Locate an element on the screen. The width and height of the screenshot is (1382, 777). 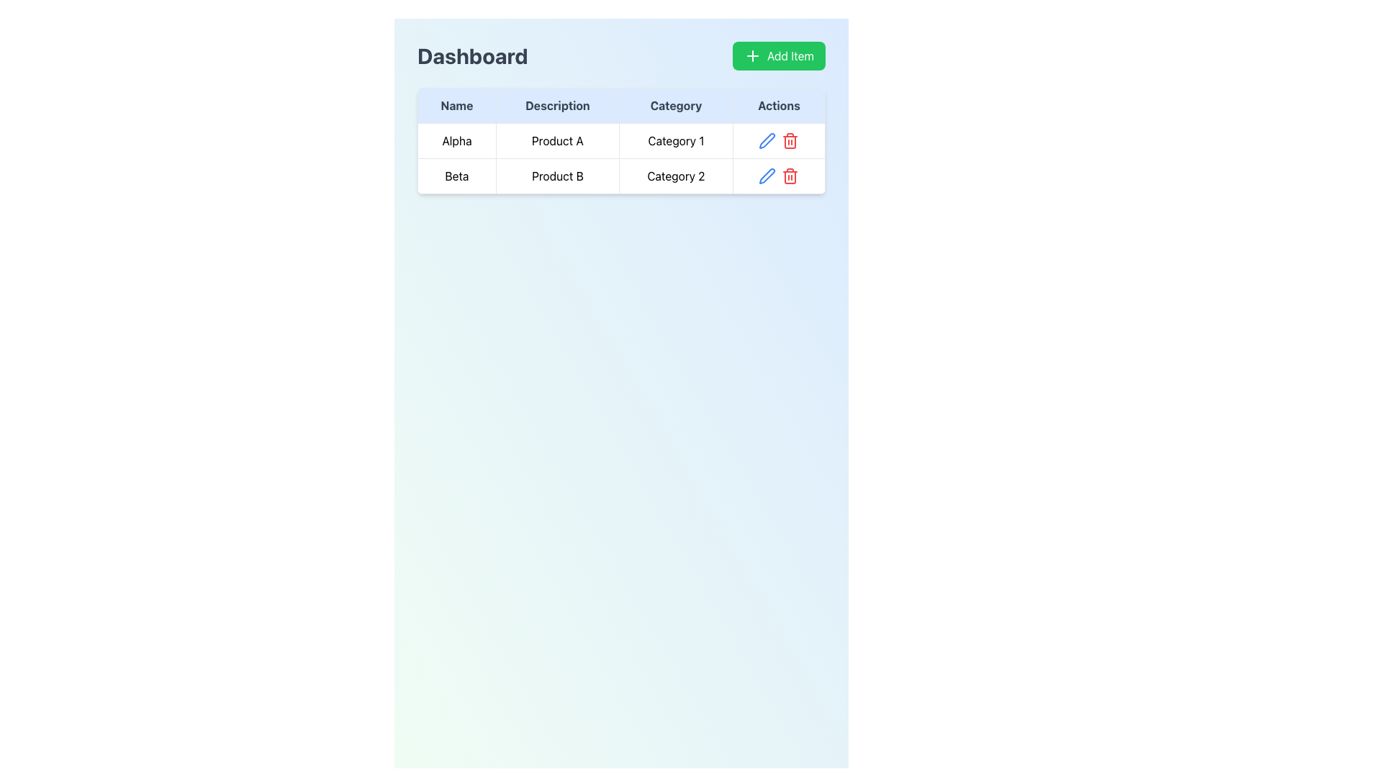
text content of the Text Label displaying 'Product A', located in the second column of the first row of a table-like structure is located at coordinates (556, 141).